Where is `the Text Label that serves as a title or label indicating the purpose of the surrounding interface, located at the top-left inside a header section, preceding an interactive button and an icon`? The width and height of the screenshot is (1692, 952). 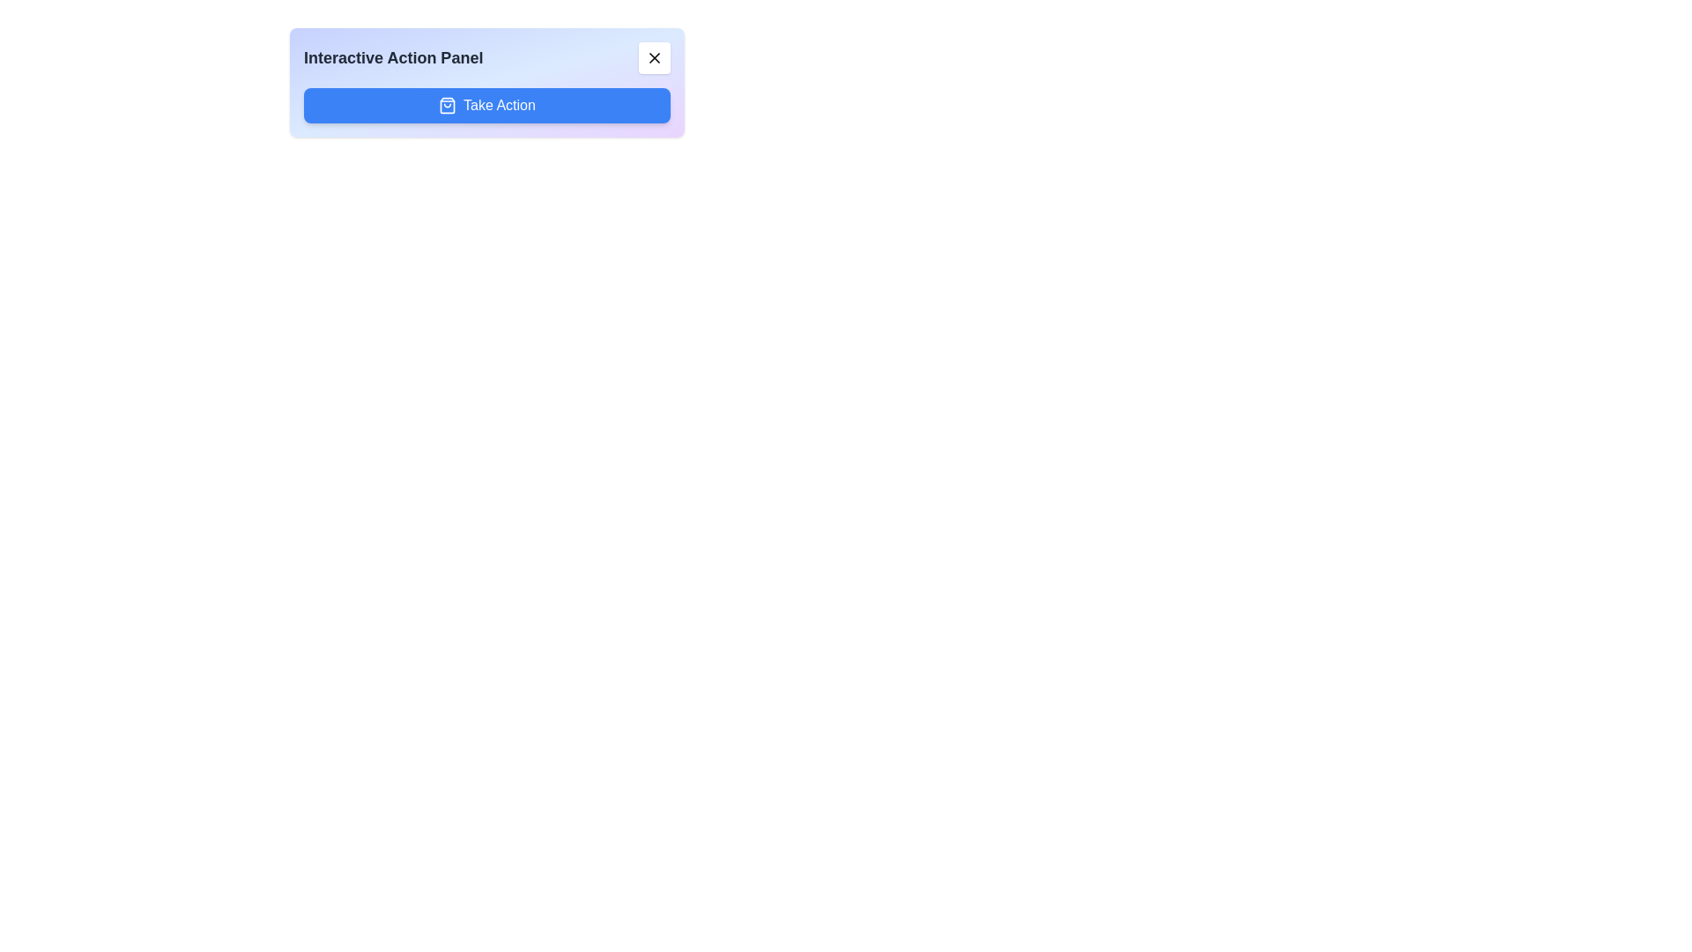
the Text Label that serves as a title or label indicating the purpose of the surrounding interface, located at the top-left inside a header section, preceding an interactive button and an icon is located at coordinates (392, 56).